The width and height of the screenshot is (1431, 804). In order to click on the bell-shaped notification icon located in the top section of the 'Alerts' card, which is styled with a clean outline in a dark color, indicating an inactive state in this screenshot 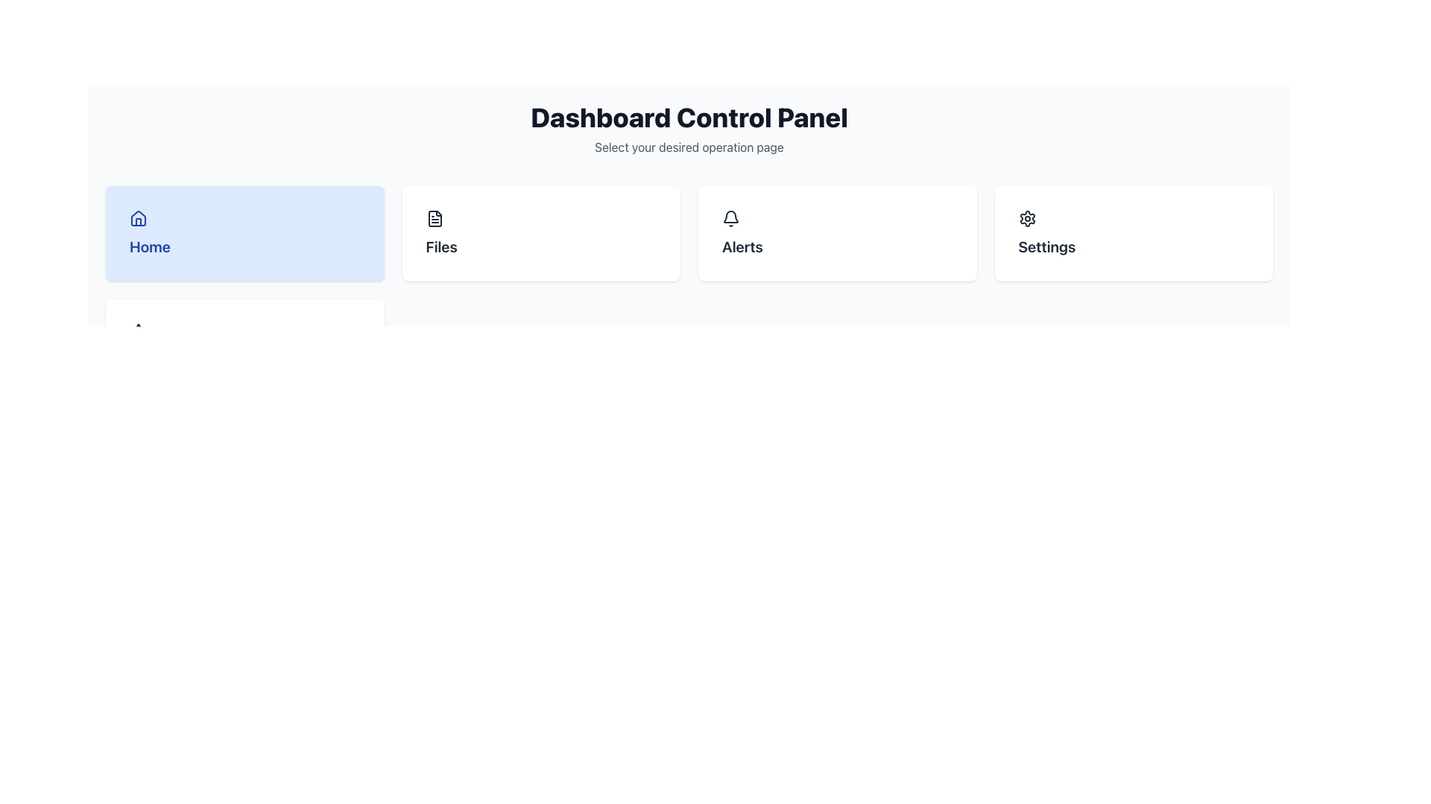, I will do `click(730, 217)`.